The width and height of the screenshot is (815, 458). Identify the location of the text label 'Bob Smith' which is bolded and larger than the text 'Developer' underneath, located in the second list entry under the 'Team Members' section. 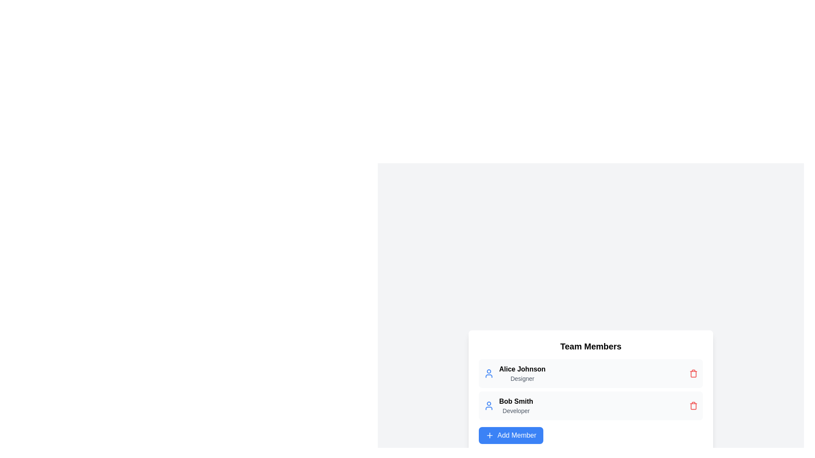
(515, 401).